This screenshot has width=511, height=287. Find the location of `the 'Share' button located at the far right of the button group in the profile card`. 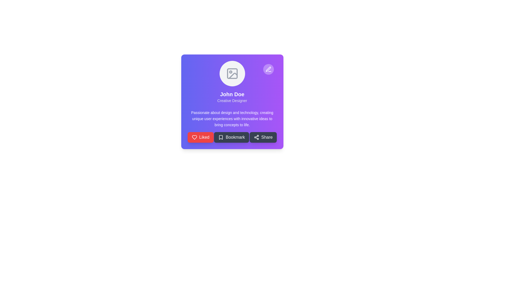

the 'Share' button located at the far right of the button group in the profile card is located at coordinates (263, 137).